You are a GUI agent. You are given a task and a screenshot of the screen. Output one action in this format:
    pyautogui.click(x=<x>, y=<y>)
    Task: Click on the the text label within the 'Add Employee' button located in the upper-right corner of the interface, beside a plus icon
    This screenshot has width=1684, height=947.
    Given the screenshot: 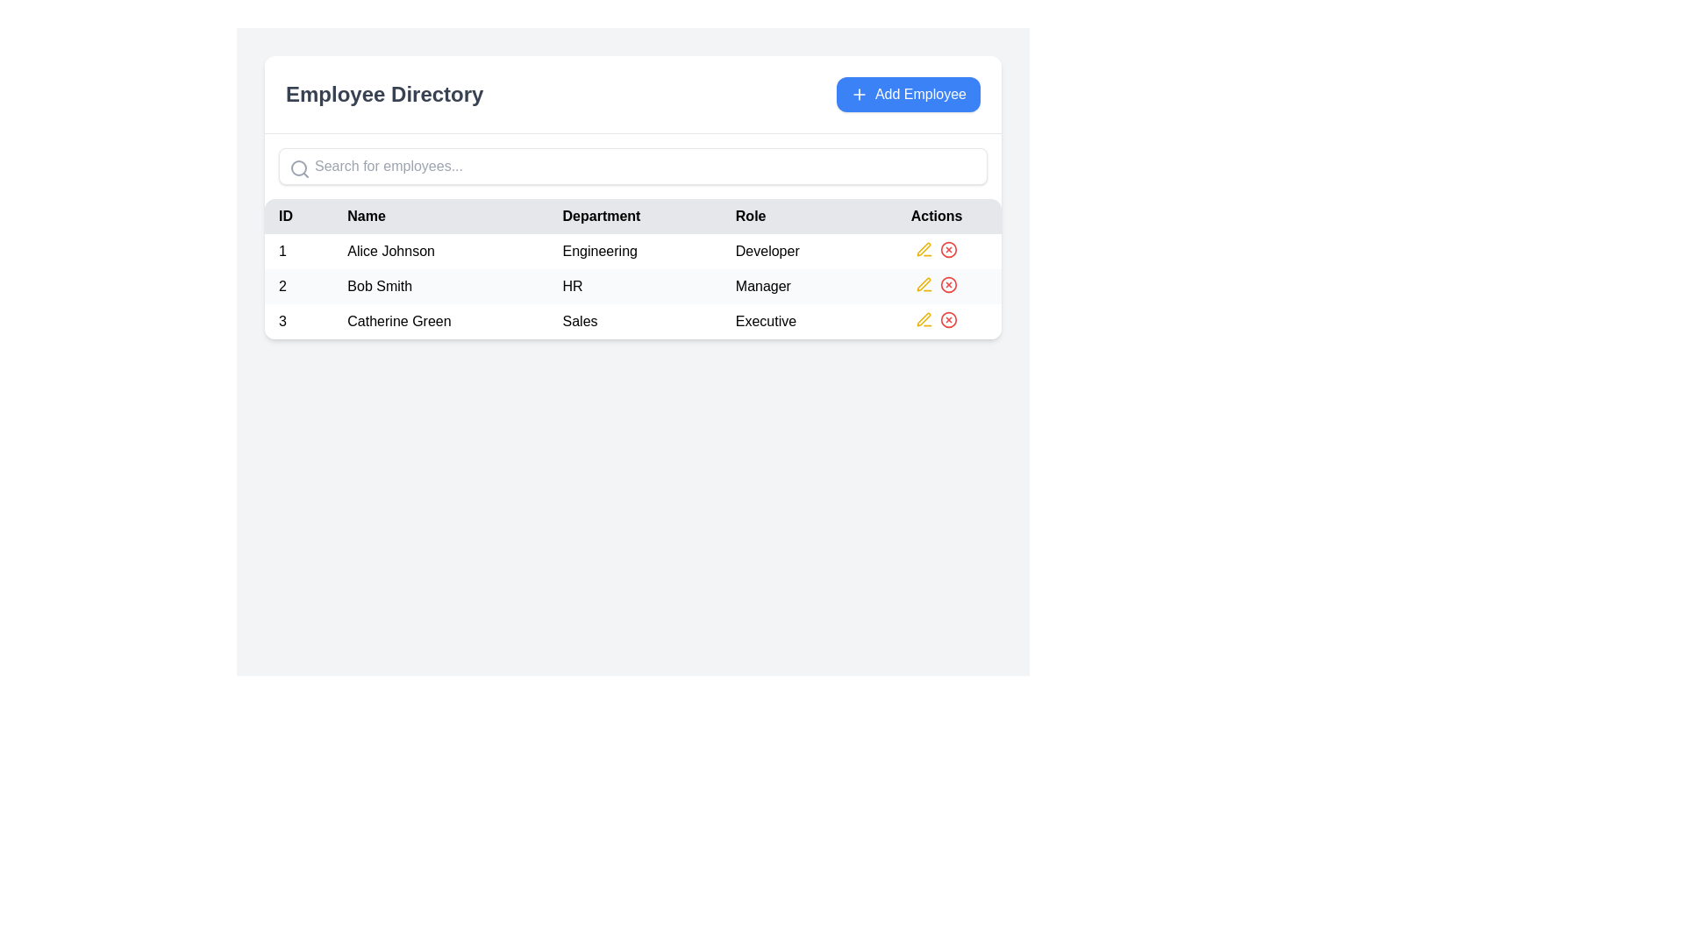 What is the action you would take?
    pyautogui.click(x=920, y=95)
    